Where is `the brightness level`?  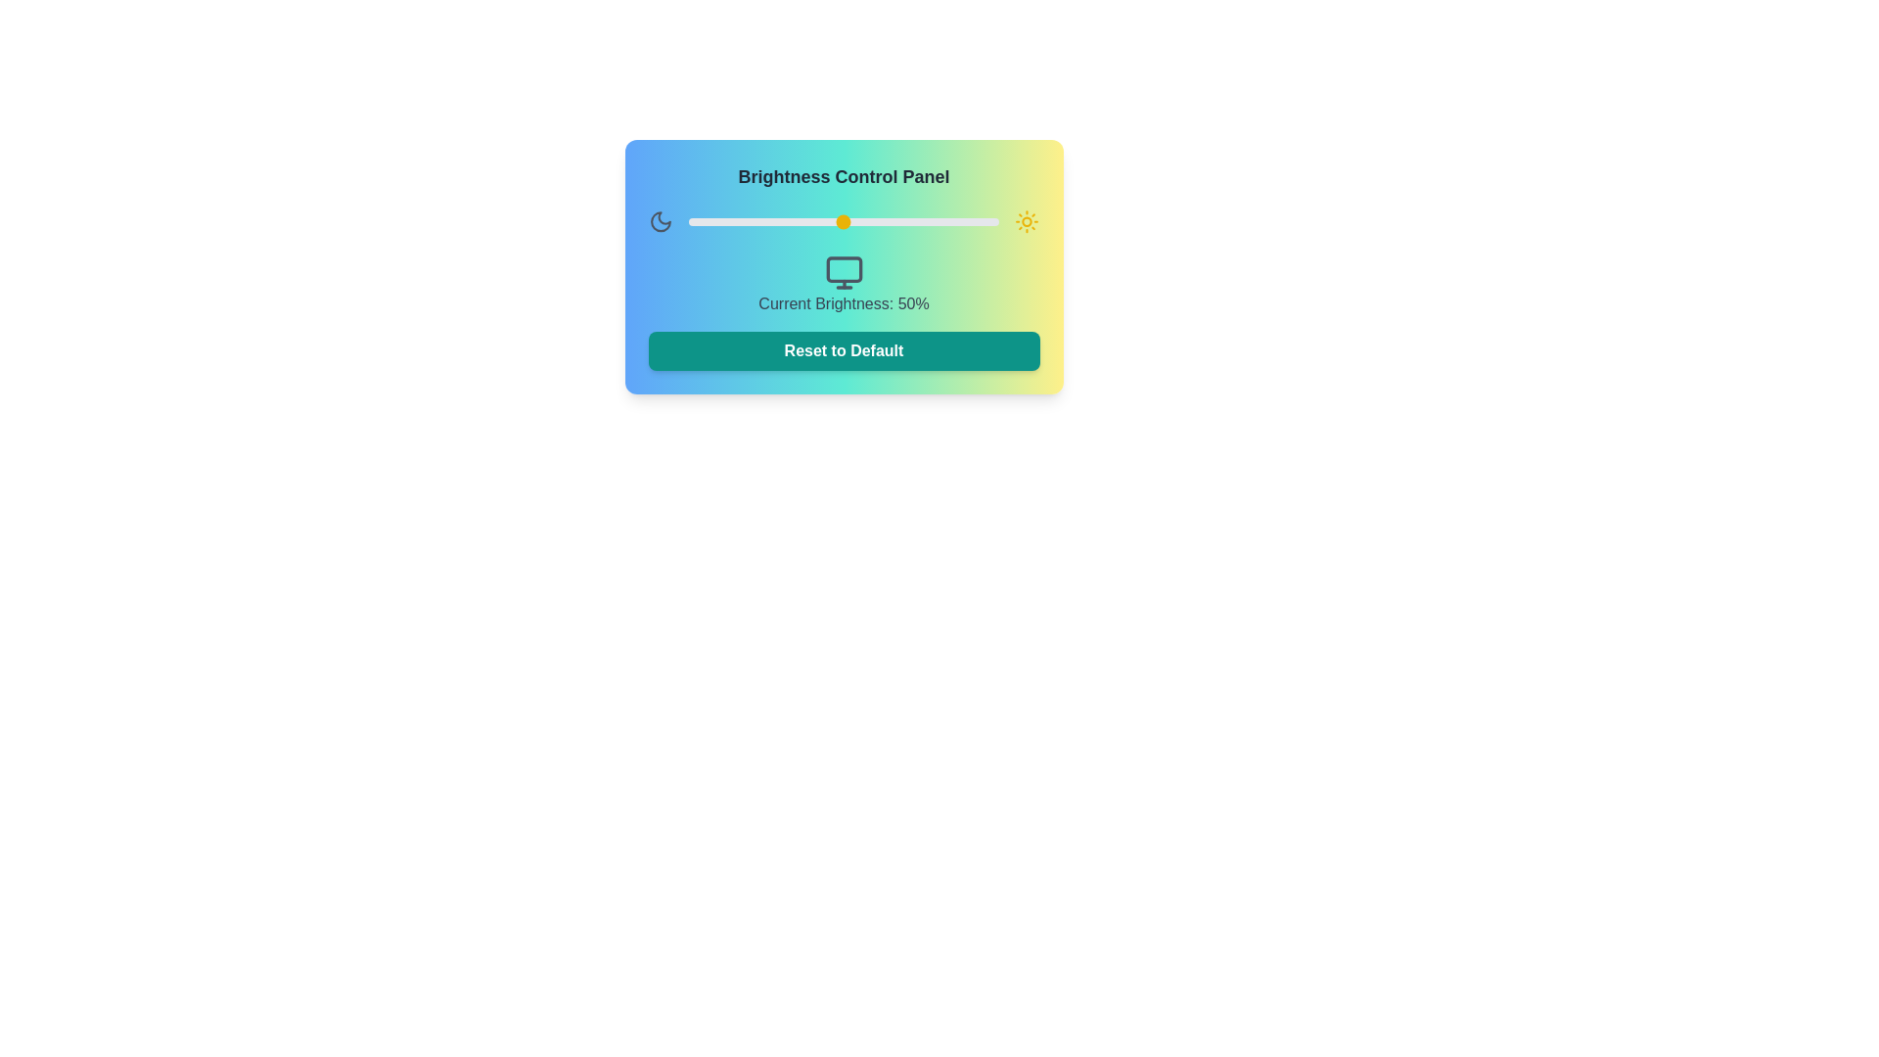
the brightness level is located at coordinates (756, 221).